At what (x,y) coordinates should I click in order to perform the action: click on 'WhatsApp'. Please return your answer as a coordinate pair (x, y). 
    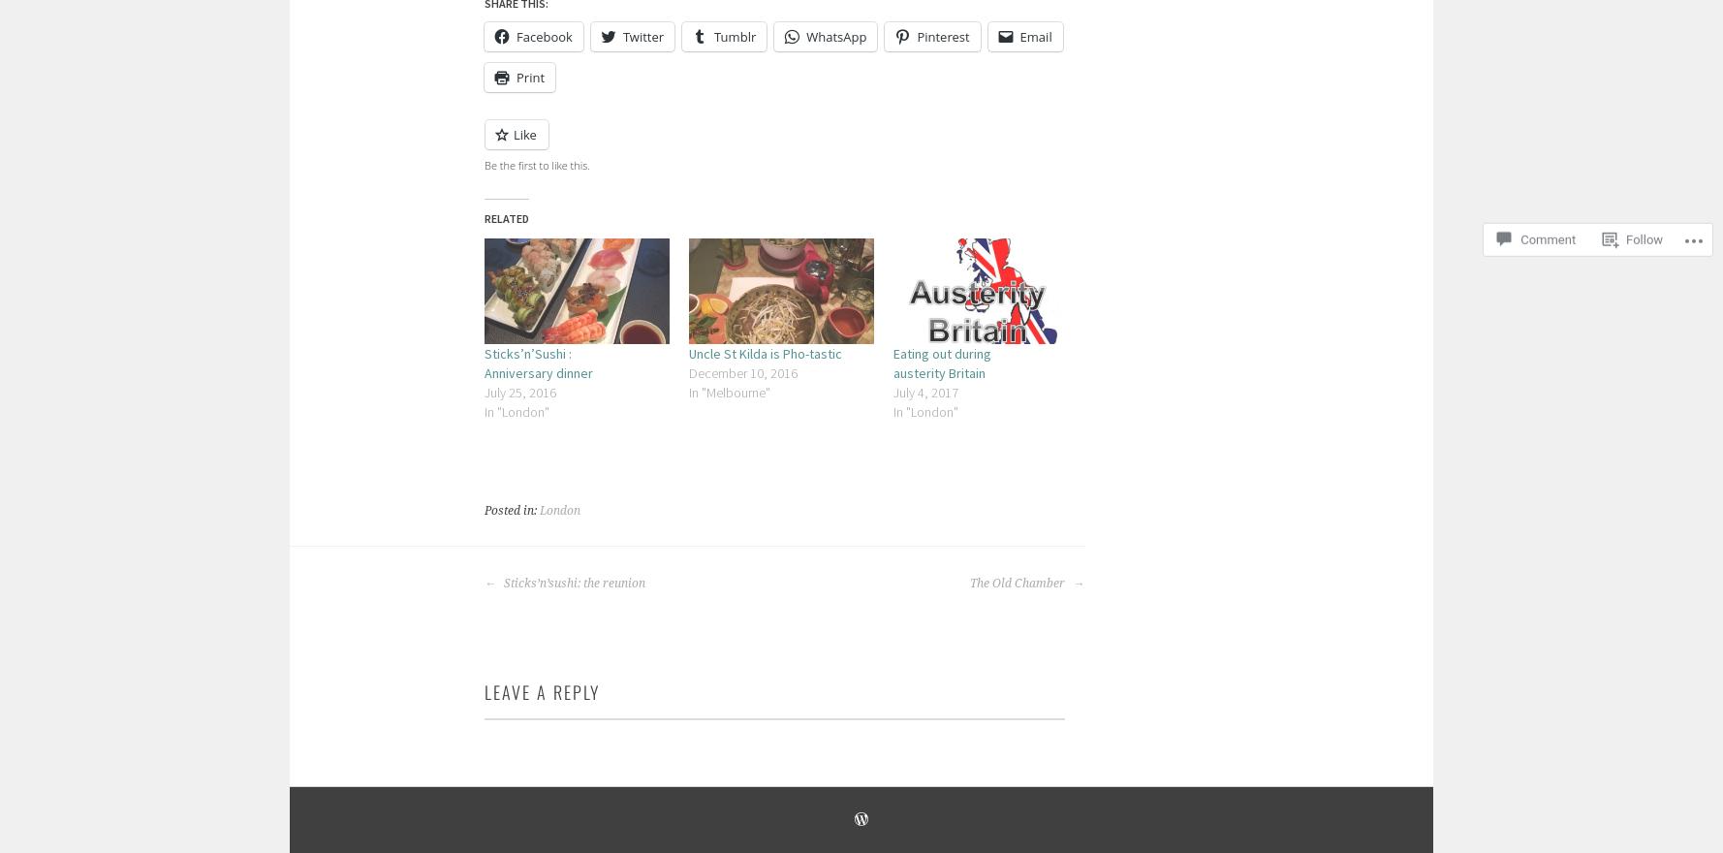
    Looking at the image, I should click on (835, 34).